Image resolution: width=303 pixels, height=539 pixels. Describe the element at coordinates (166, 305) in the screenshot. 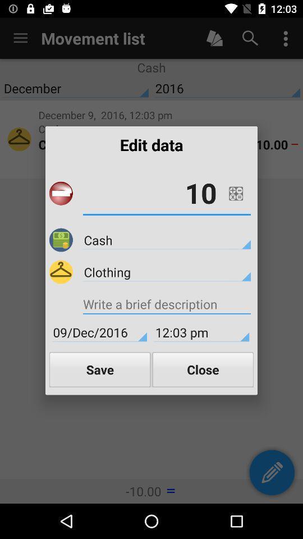

I see `icon below clothing item` at that location.